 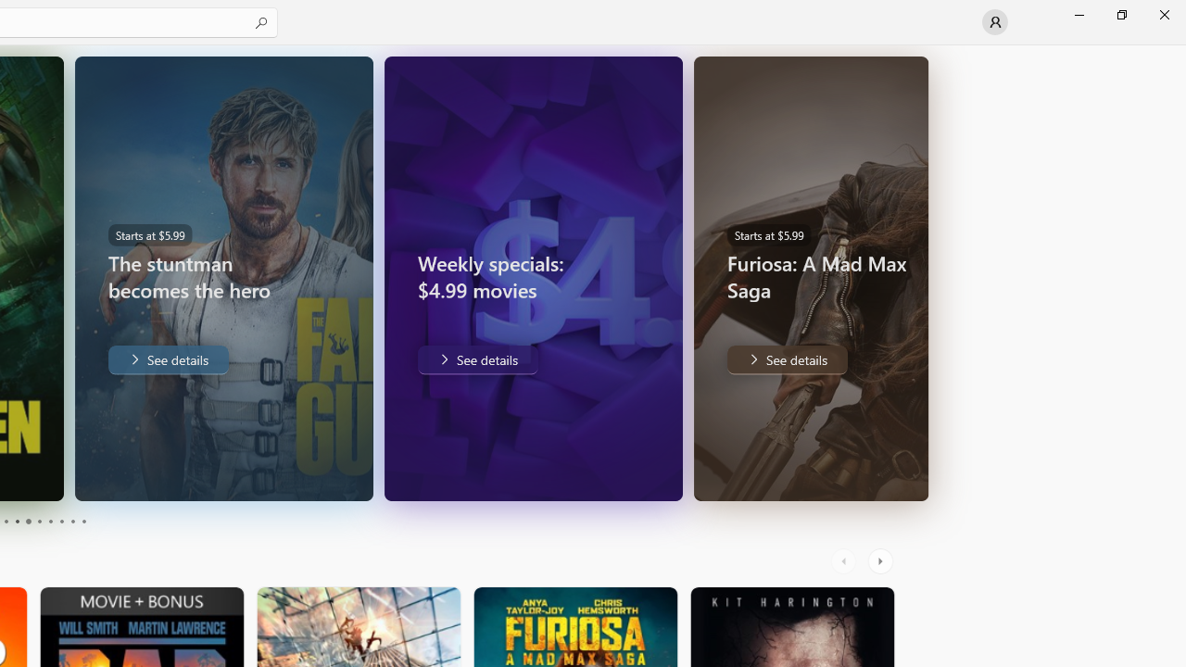 I want to click on 'Page 5', so click(x=28, y=522).